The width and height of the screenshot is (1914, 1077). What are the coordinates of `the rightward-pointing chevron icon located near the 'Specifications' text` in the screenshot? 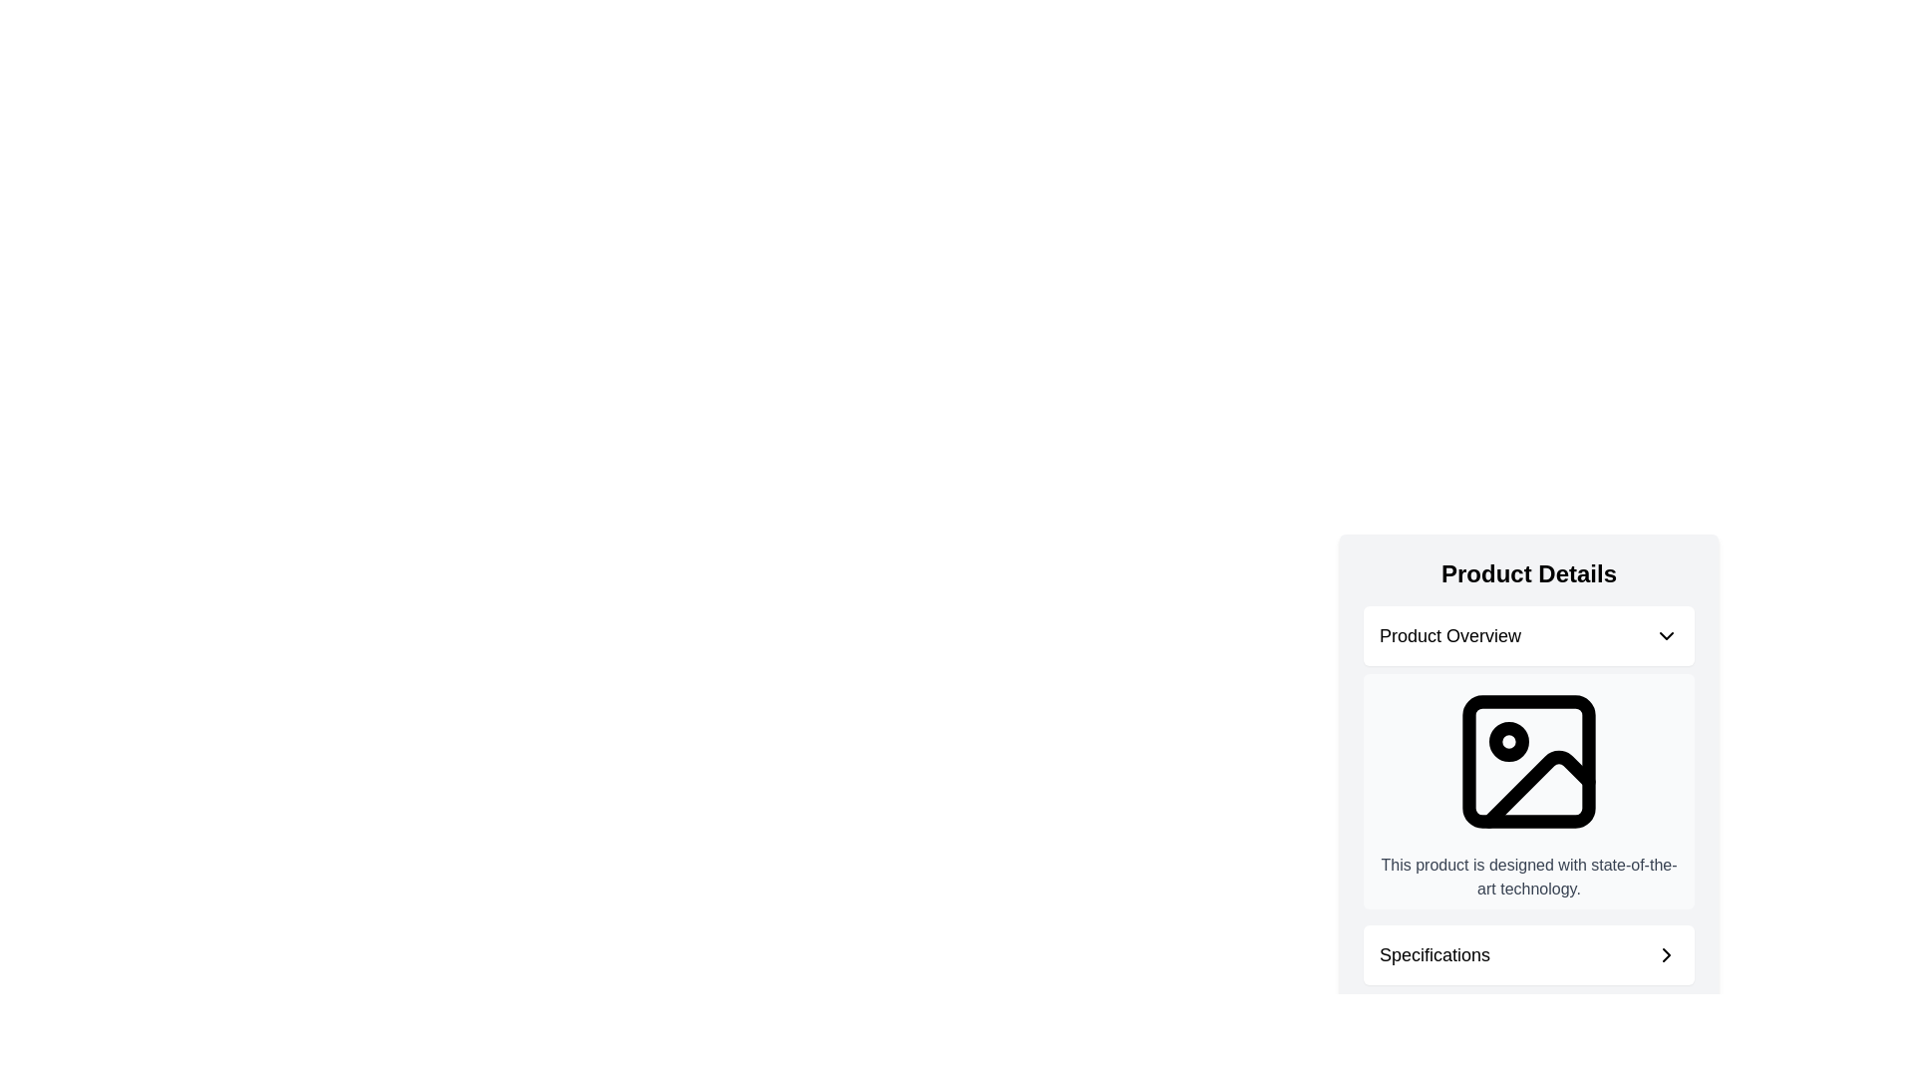 It's located at (1666, 953).